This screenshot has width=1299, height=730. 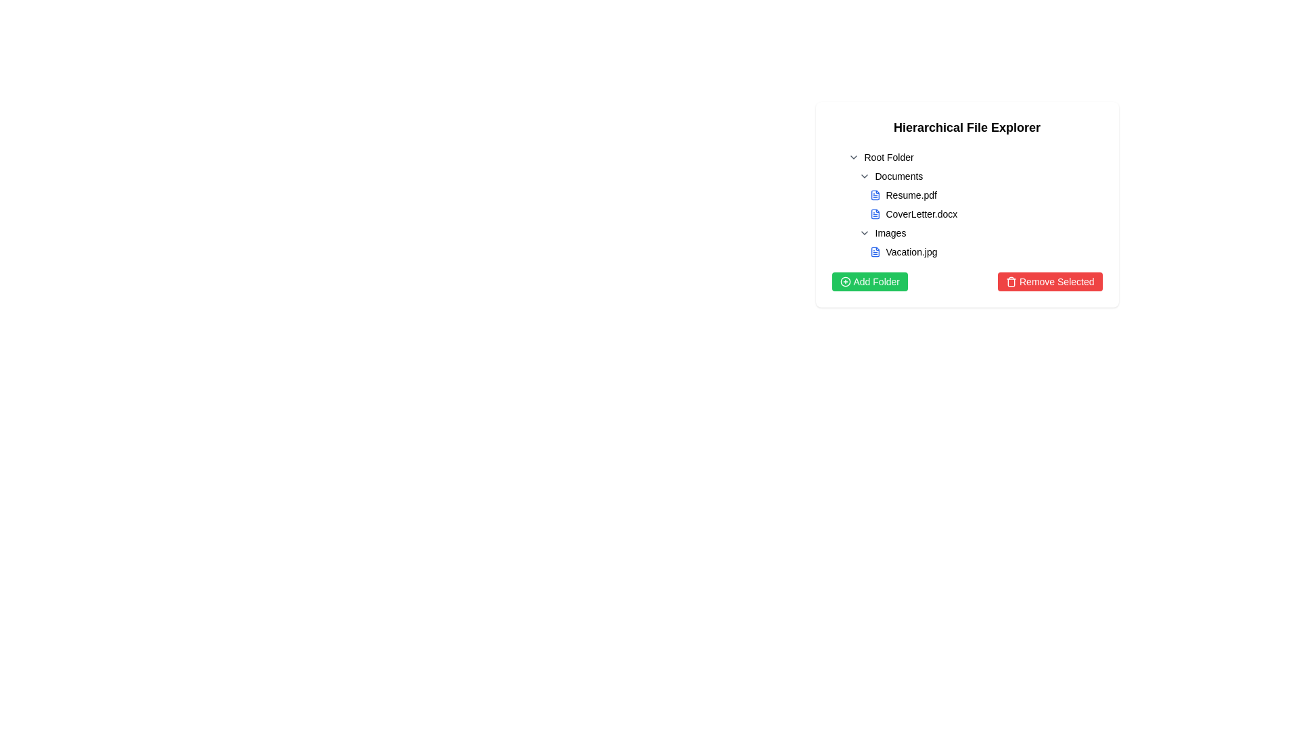 I want to click on the file item entry representing 'Vacation.jpg' in the 'Images' folder, so click(x=978, y=252).